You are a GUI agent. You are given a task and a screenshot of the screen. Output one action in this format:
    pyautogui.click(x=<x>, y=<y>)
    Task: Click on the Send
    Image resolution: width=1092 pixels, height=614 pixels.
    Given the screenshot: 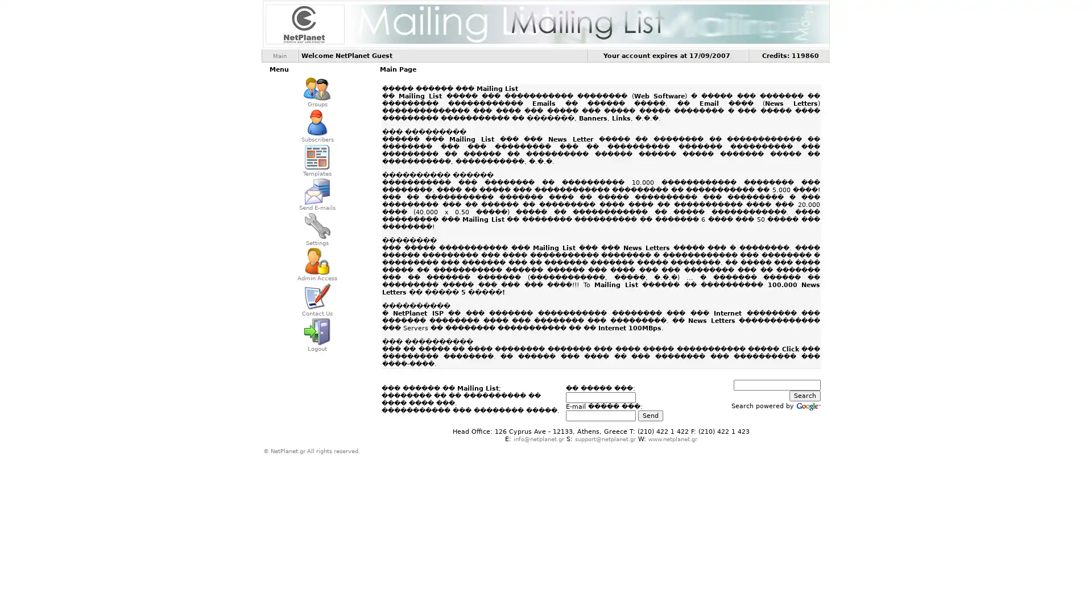 What is the action you would take?
    pyautogui.click(x=650, y=415)
    